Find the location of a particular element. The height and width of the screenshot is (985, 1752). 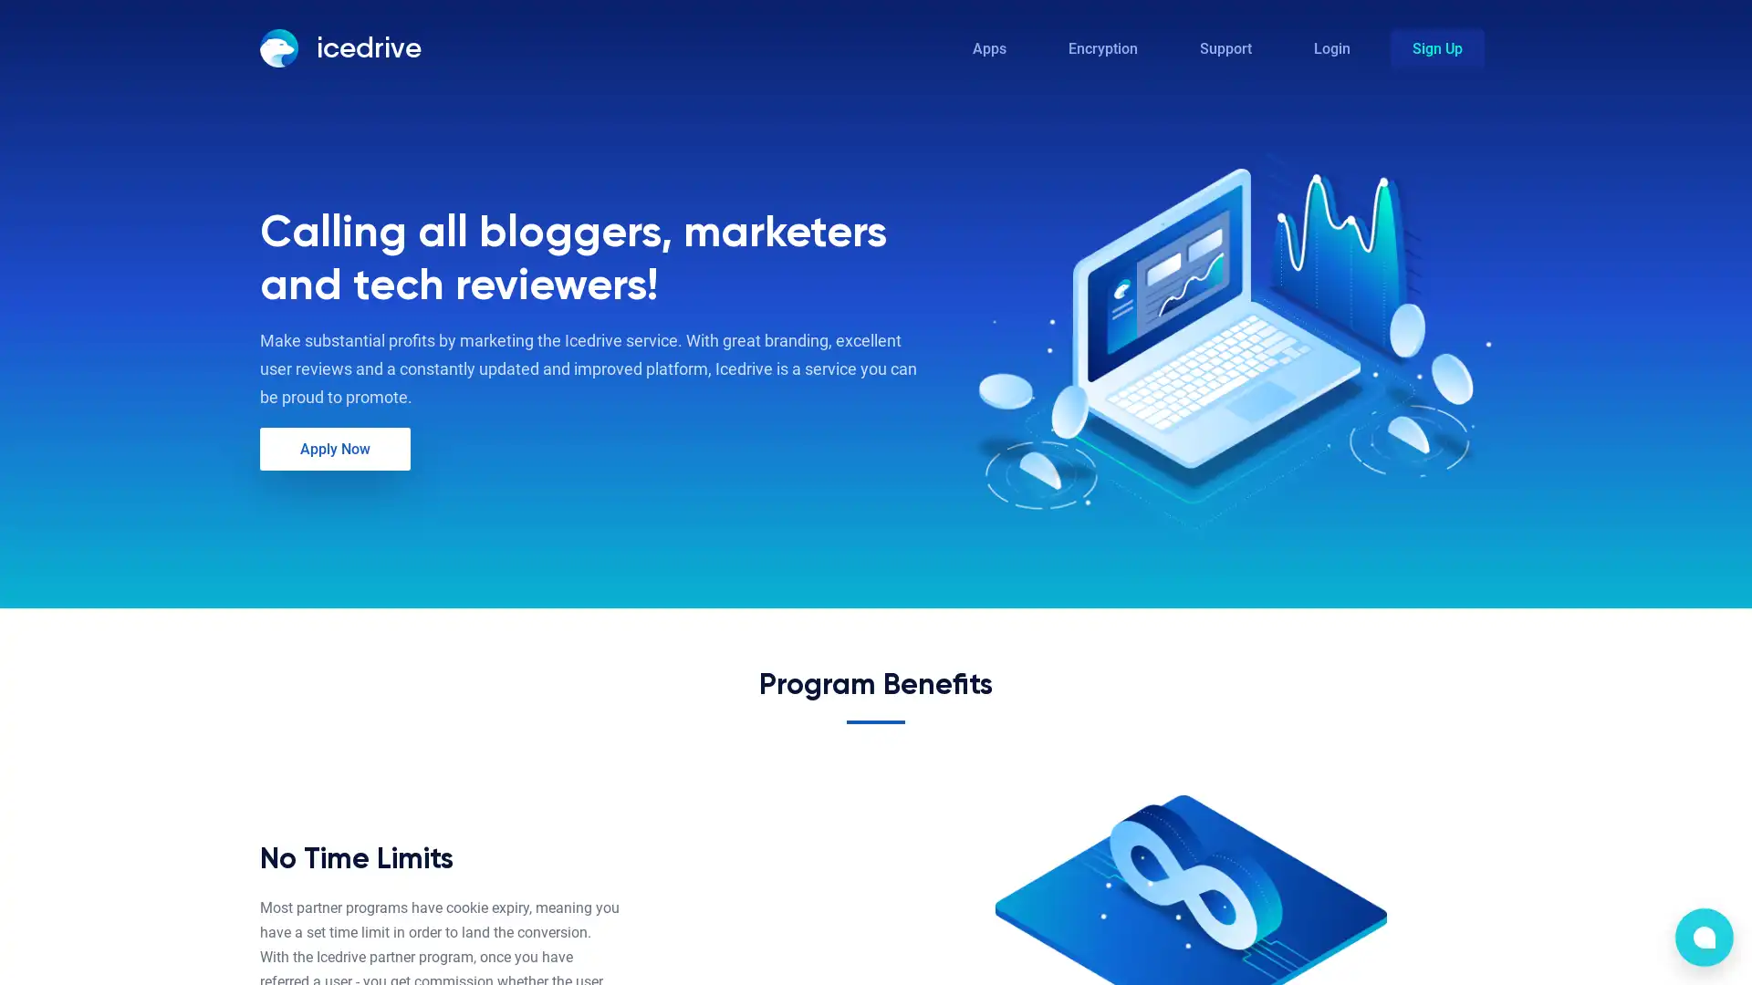

bubble-icon is located at coordinates (1703, 938).